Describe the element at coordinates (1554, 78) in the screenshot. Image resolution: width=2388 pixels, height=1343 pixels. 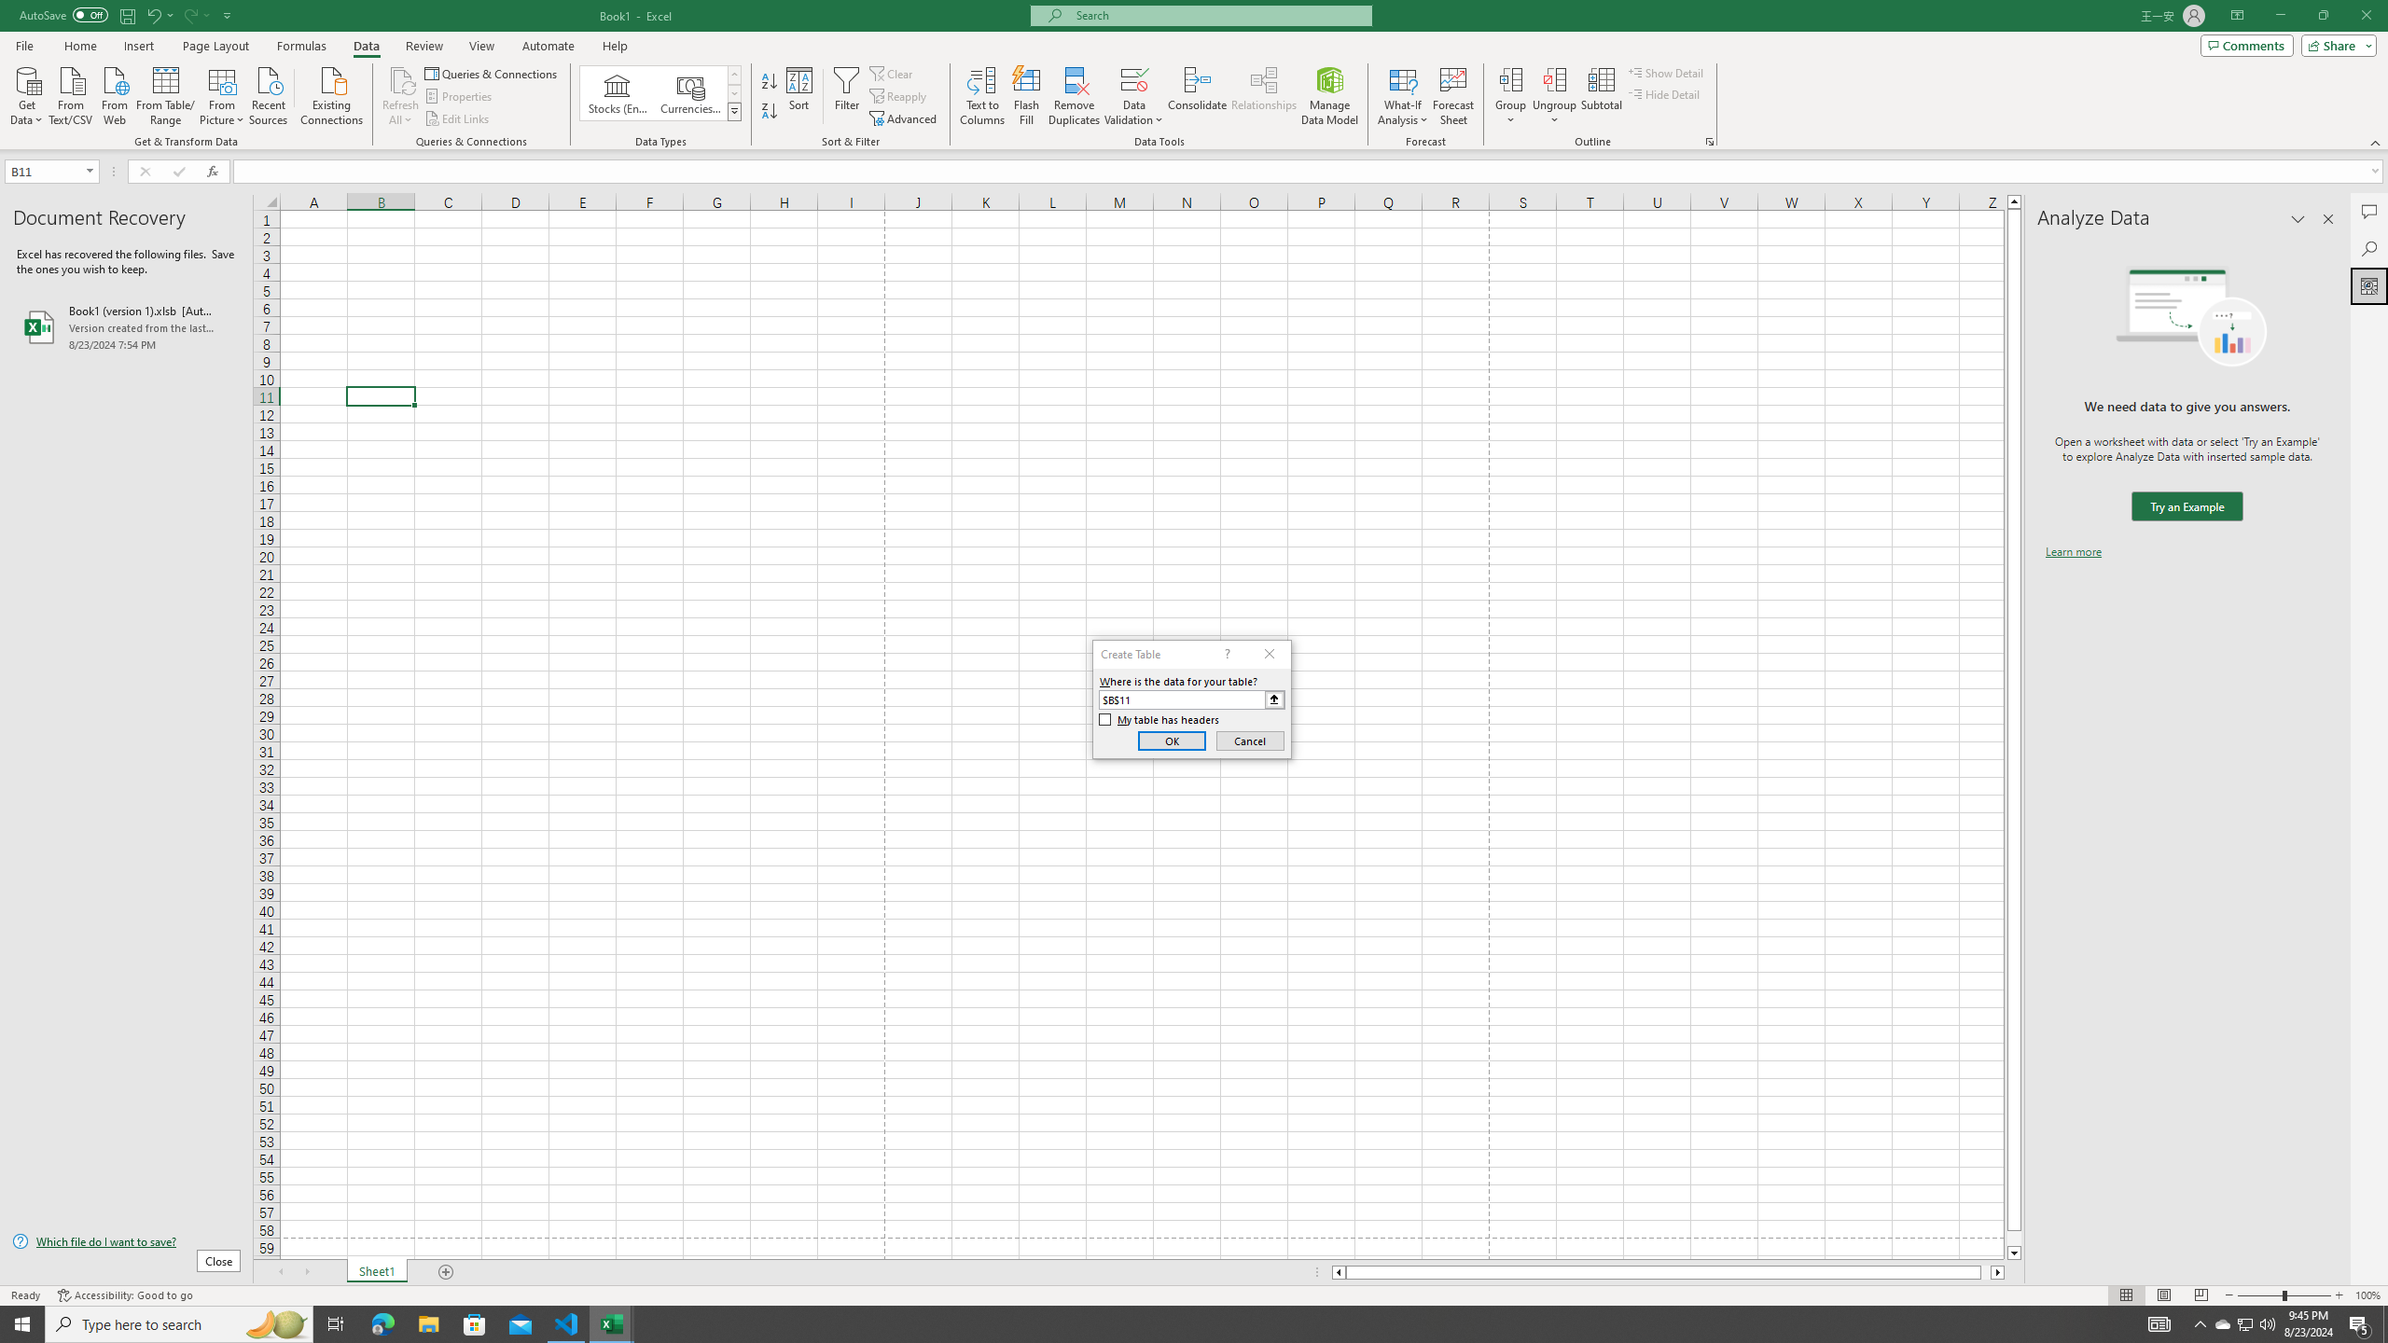
I see `'Ungroup...'` at that location.